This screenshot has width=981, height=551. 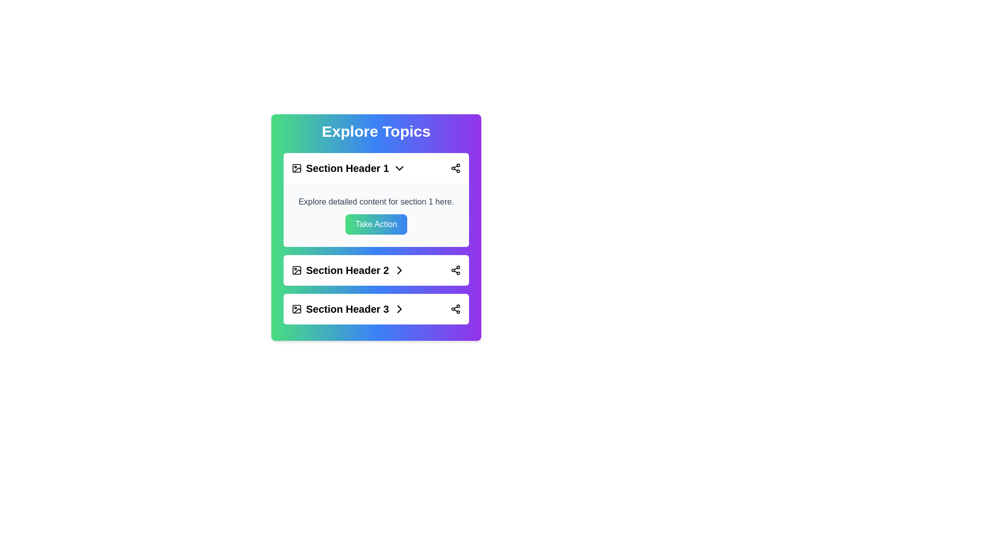 What do you see at coordinates (296, 168) in the screenshot?
I see `the SVG rectangle component that serves as a frame within the icon of 'Section Header 1'` at bounding box center [296, 168].